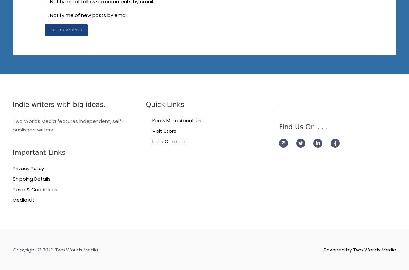 The image size is (409, 270). What do you see at coordinates (169, 141) in the screenshot?
I see `'Let's Connect'` at bounding box center [169, 141].